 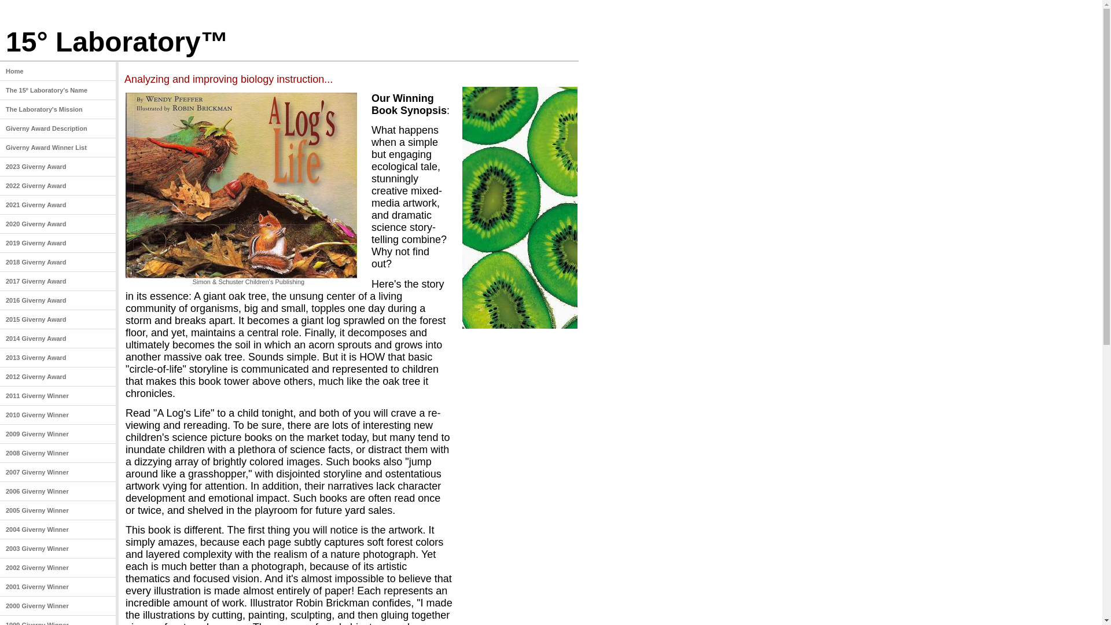 I want to click on '2000 Giverny Winner', so click(x=57, y=605).